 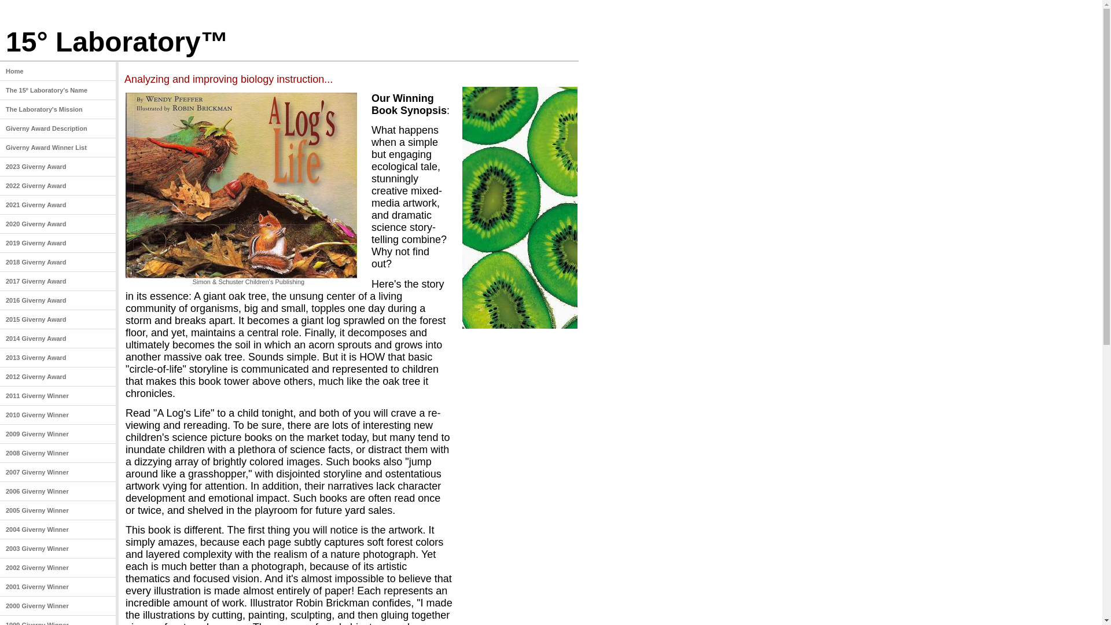 I want to click on '2000 Giverny Winner', so click(x=57, y=605).